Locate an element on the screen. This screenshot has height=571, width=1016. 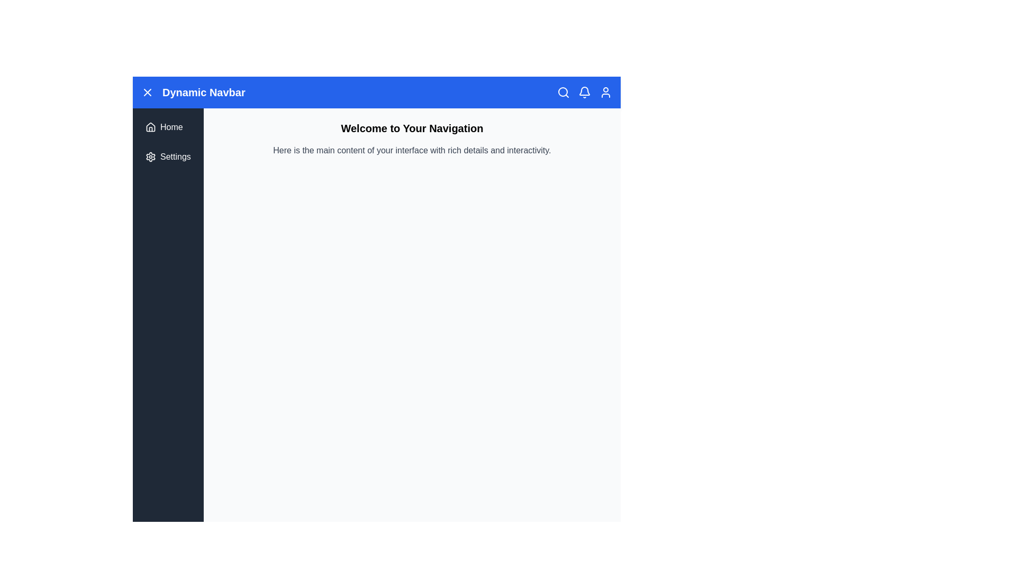
the 'Settings' text label located in the left sidebar navigation menu, which is styled with white text on a dark background and positioned next to a settings gear icon is located at coordinates (175, 157).